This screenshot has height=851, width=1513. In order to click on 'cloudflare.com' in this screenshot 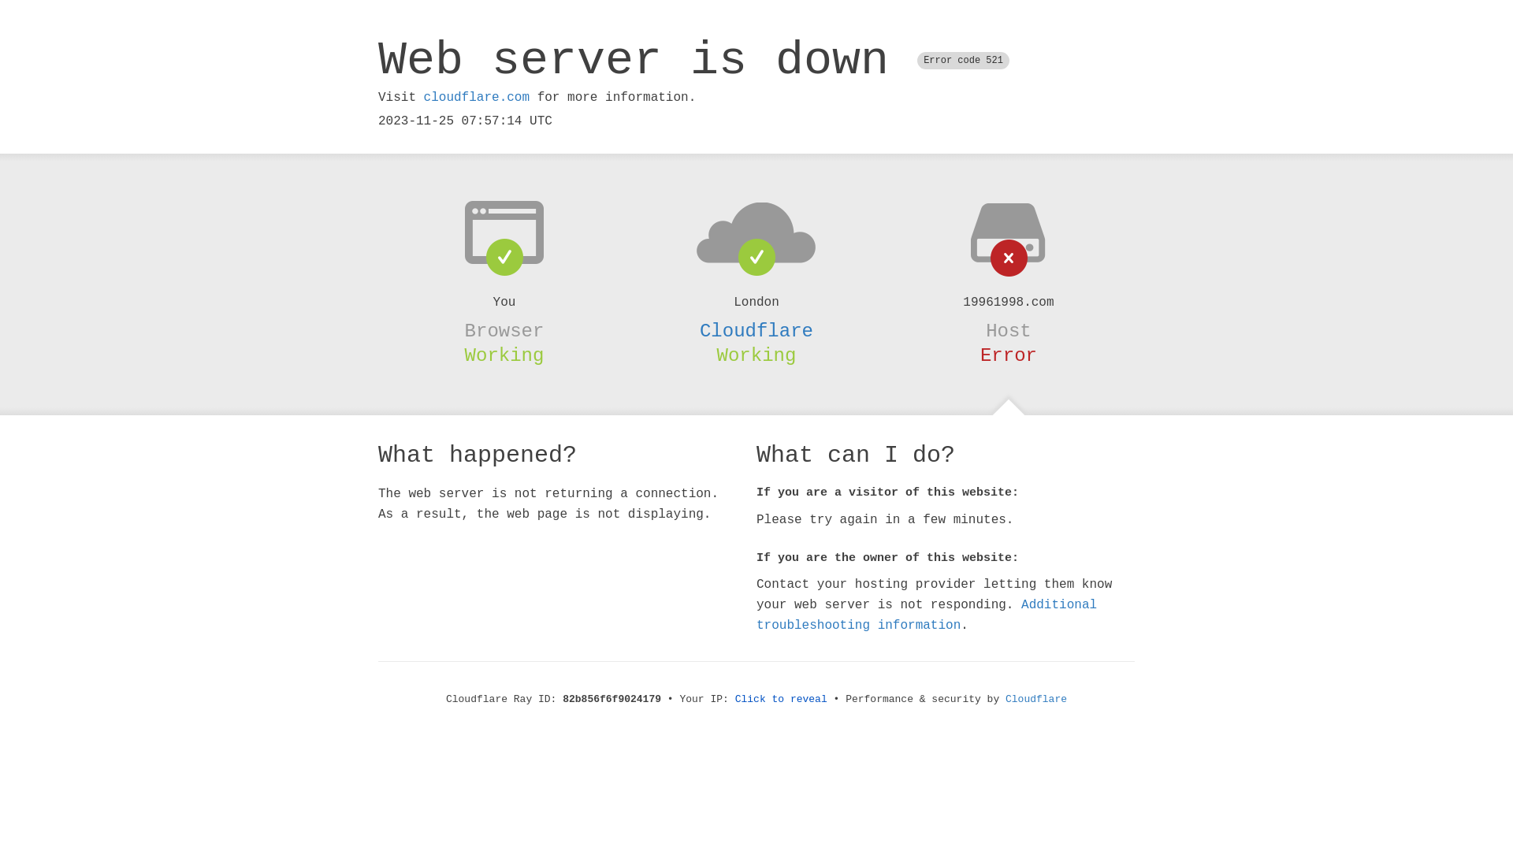, I will do `click(475, 97)`.